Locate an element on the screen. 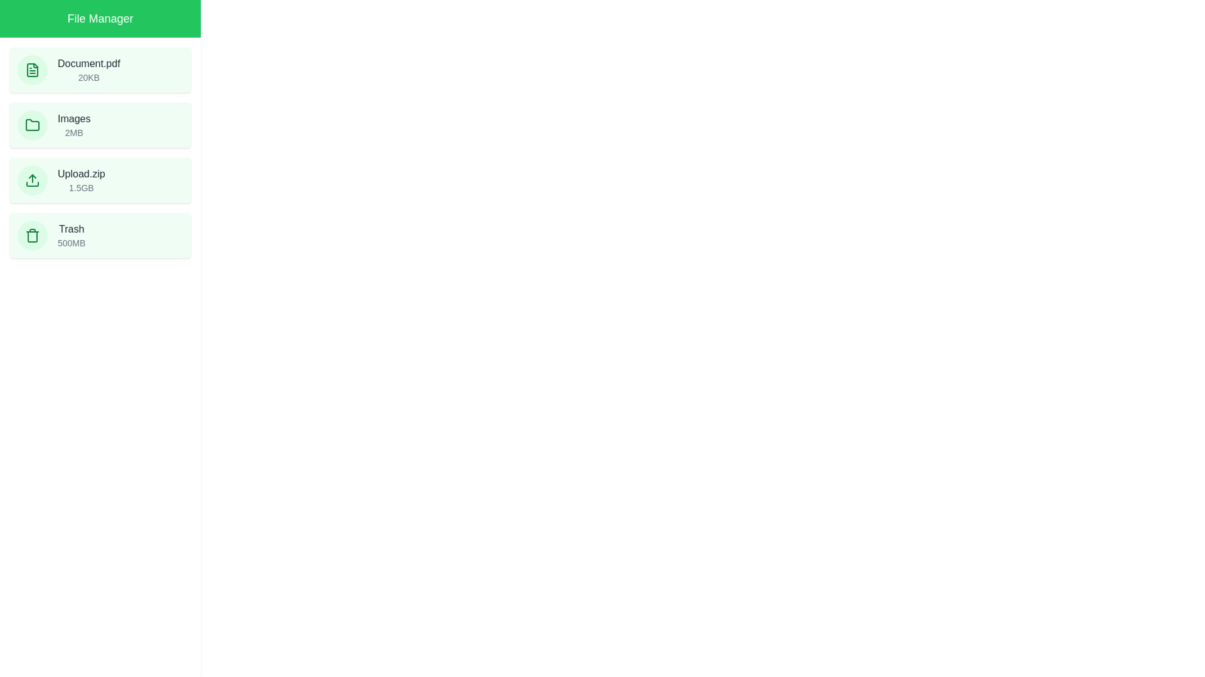  the file or folder item identified by its name Trash is located at coordinates (99, 235).